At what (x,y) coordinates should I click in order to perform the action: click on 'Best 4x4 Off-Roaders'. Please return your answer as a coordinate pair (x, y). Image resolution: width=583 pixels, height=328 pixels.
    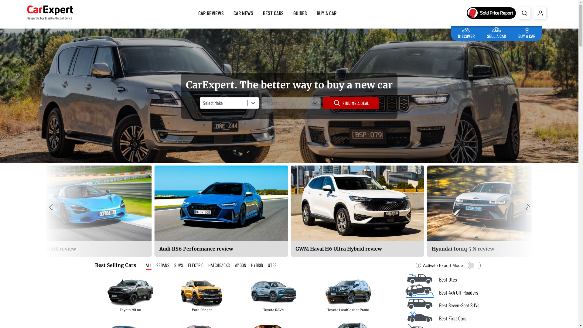
    Looking at the image, I should click on (444, 292).